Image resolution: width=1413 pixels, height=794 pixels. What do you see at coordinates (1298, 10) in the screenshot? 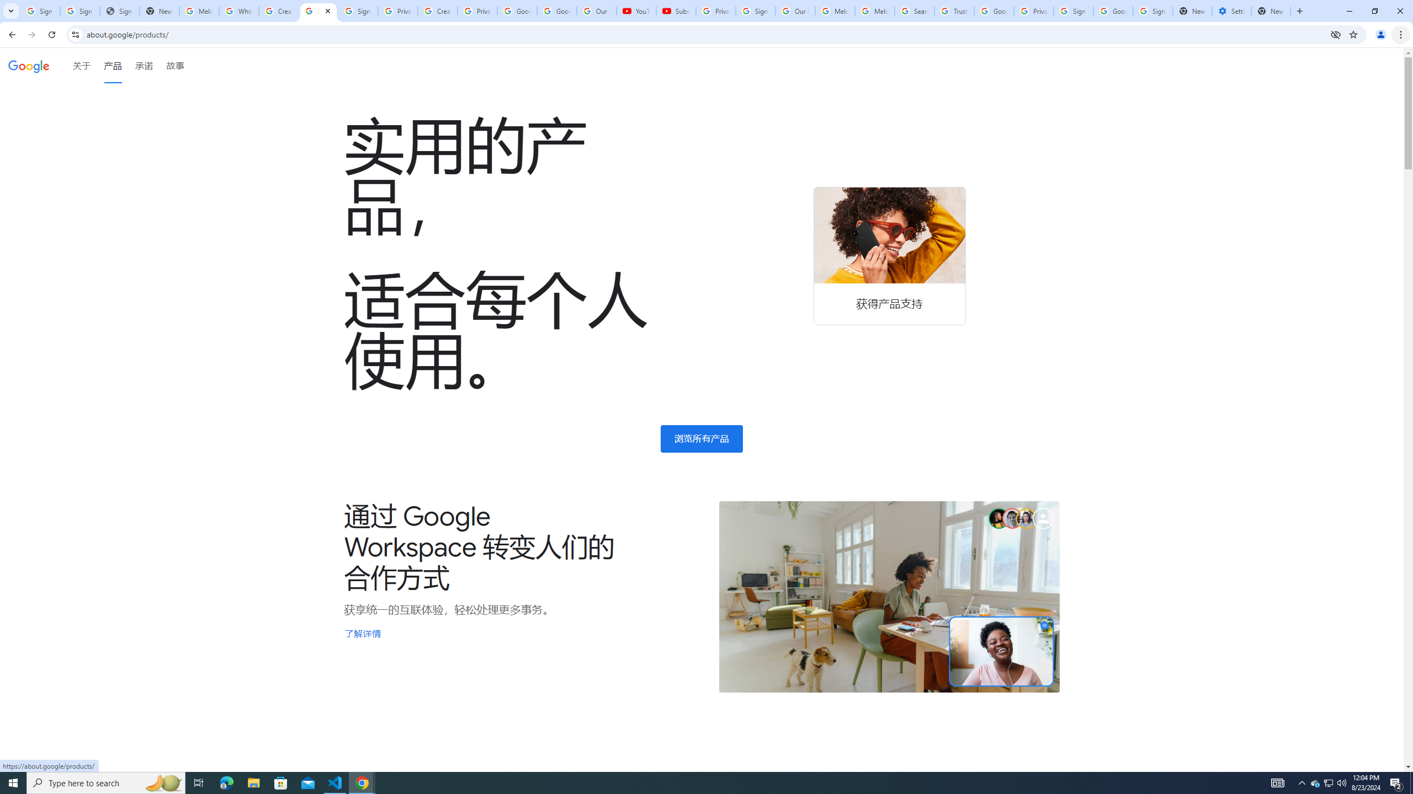
I see `'New Tab'` at bounding box center [1298, 10].